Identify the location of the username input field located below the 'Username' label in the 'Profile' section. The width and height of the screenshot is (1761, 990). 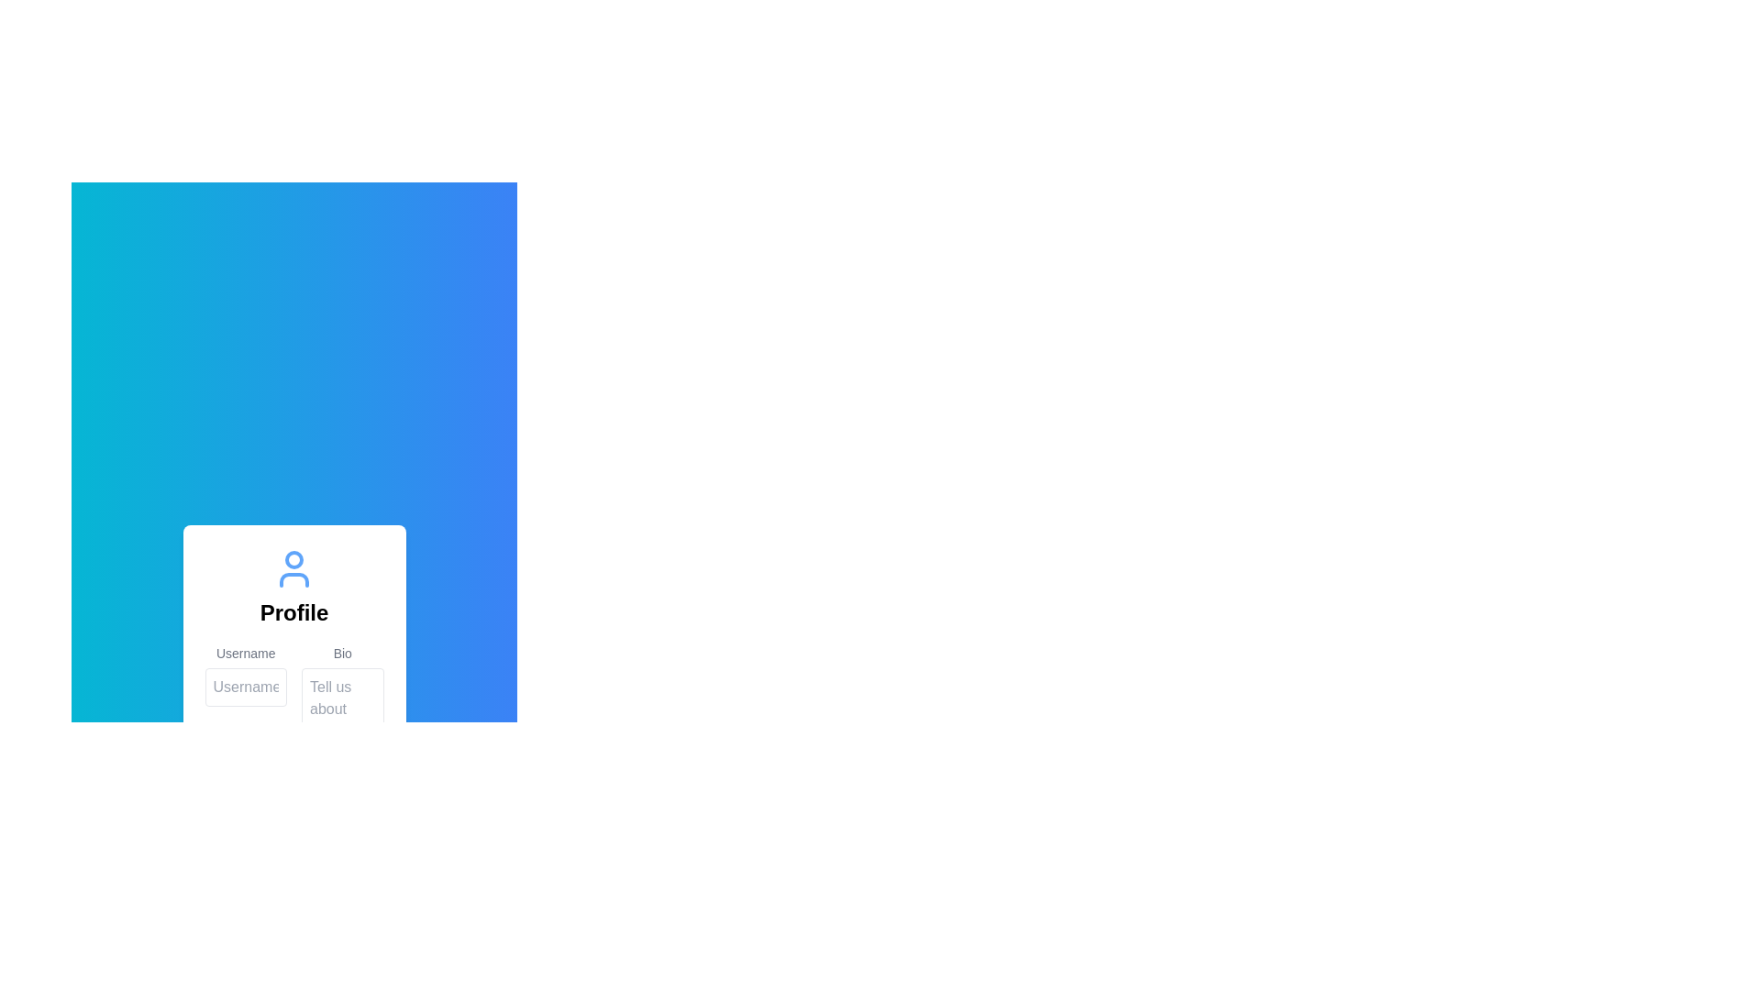
(245, 687).